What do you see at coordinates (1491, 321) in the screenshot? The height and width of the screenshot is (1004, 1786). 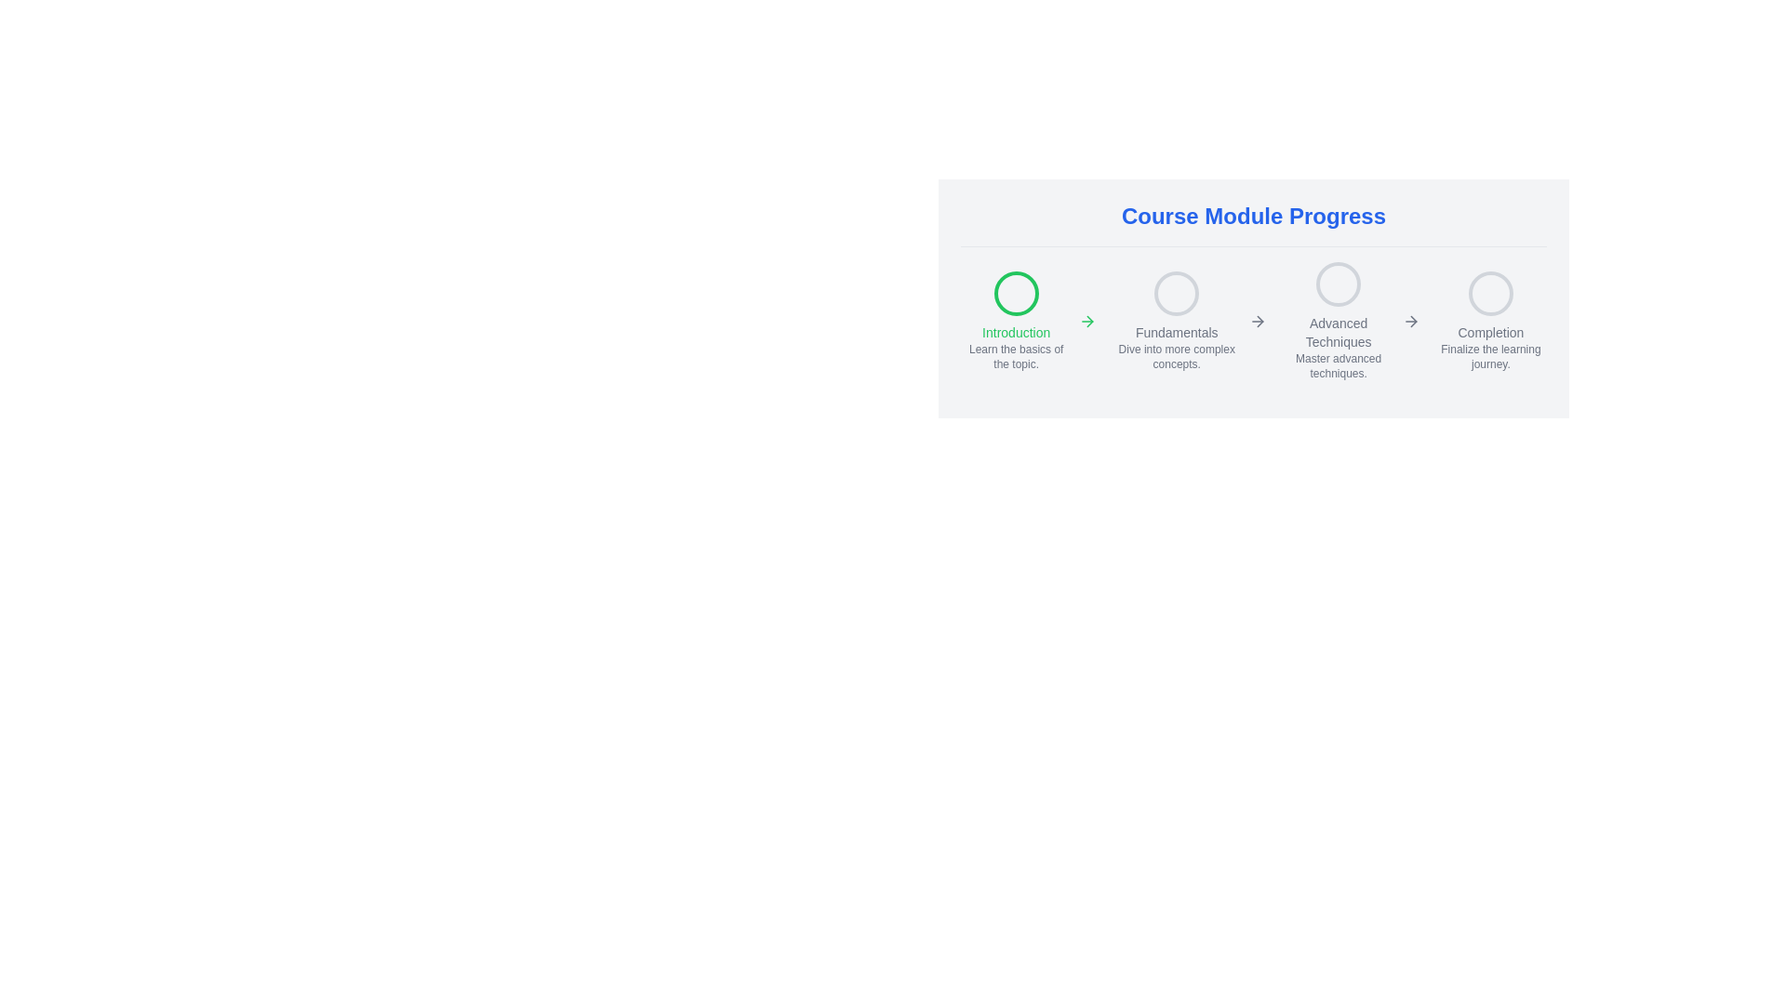 I see `the circular icon representing the final step in the progression tracker` at bounding box center [1491, 321].